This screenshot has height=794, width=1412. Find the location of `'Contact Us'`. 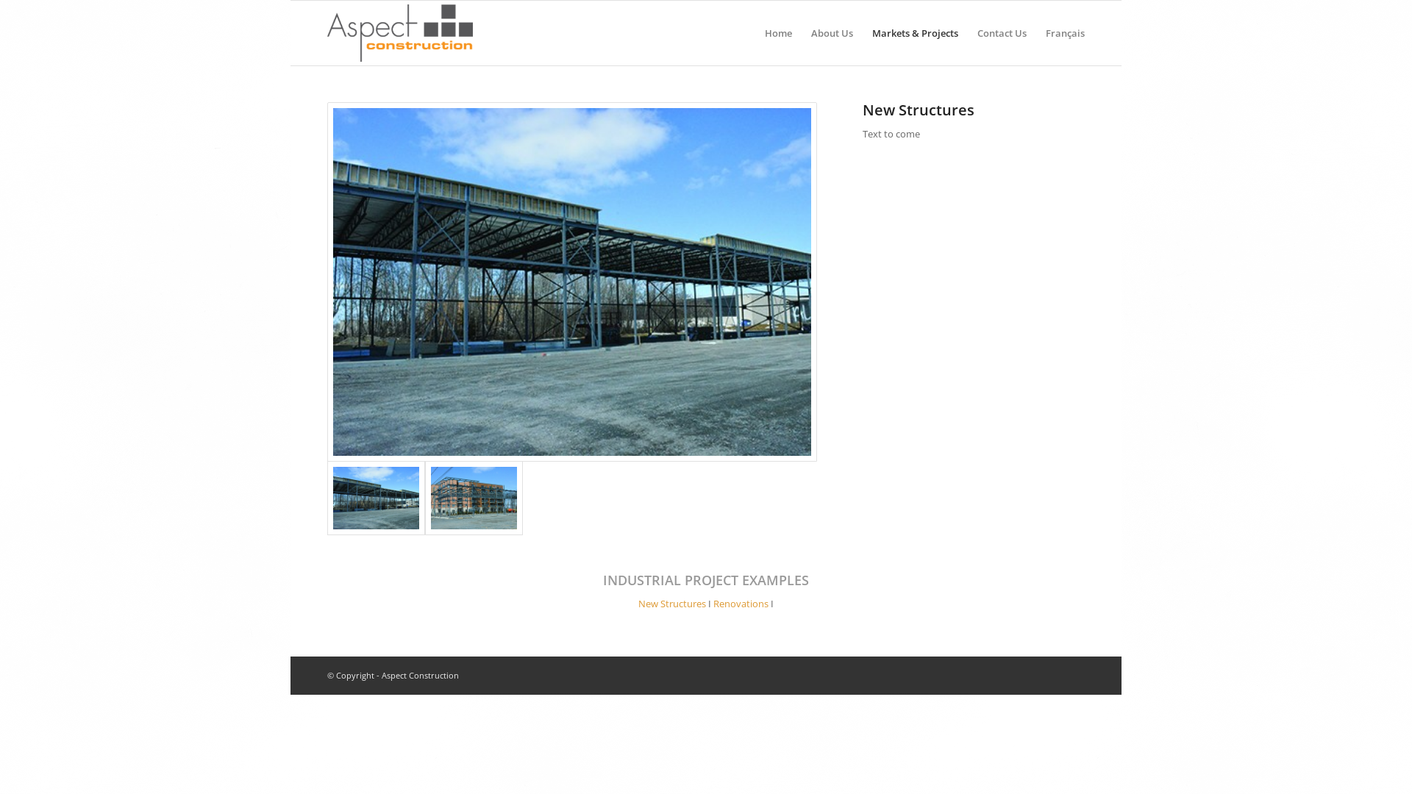

'Contact Us' is located at coordinates (1001, 33).